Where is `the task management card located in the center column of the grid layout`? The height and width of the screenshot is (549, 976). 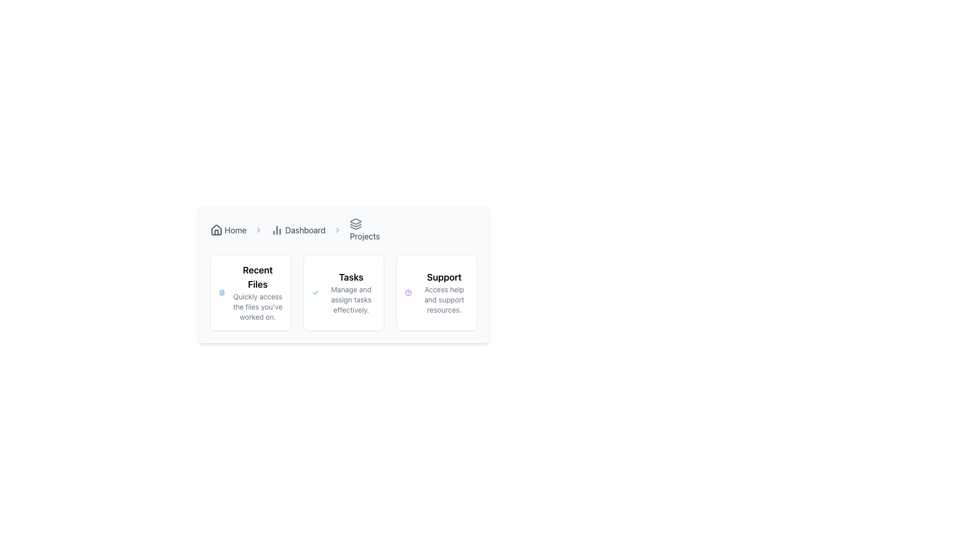 the task management card located in the center column of the grid layout is located at coordinates (344, 292).